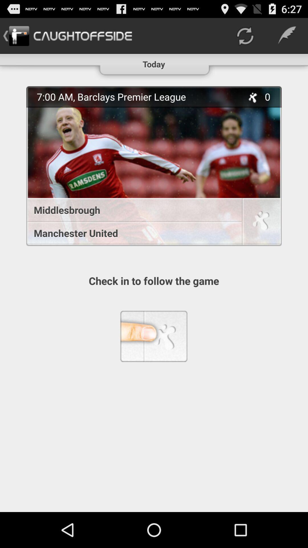  I want to click on manchester united item, so click(131, 233).